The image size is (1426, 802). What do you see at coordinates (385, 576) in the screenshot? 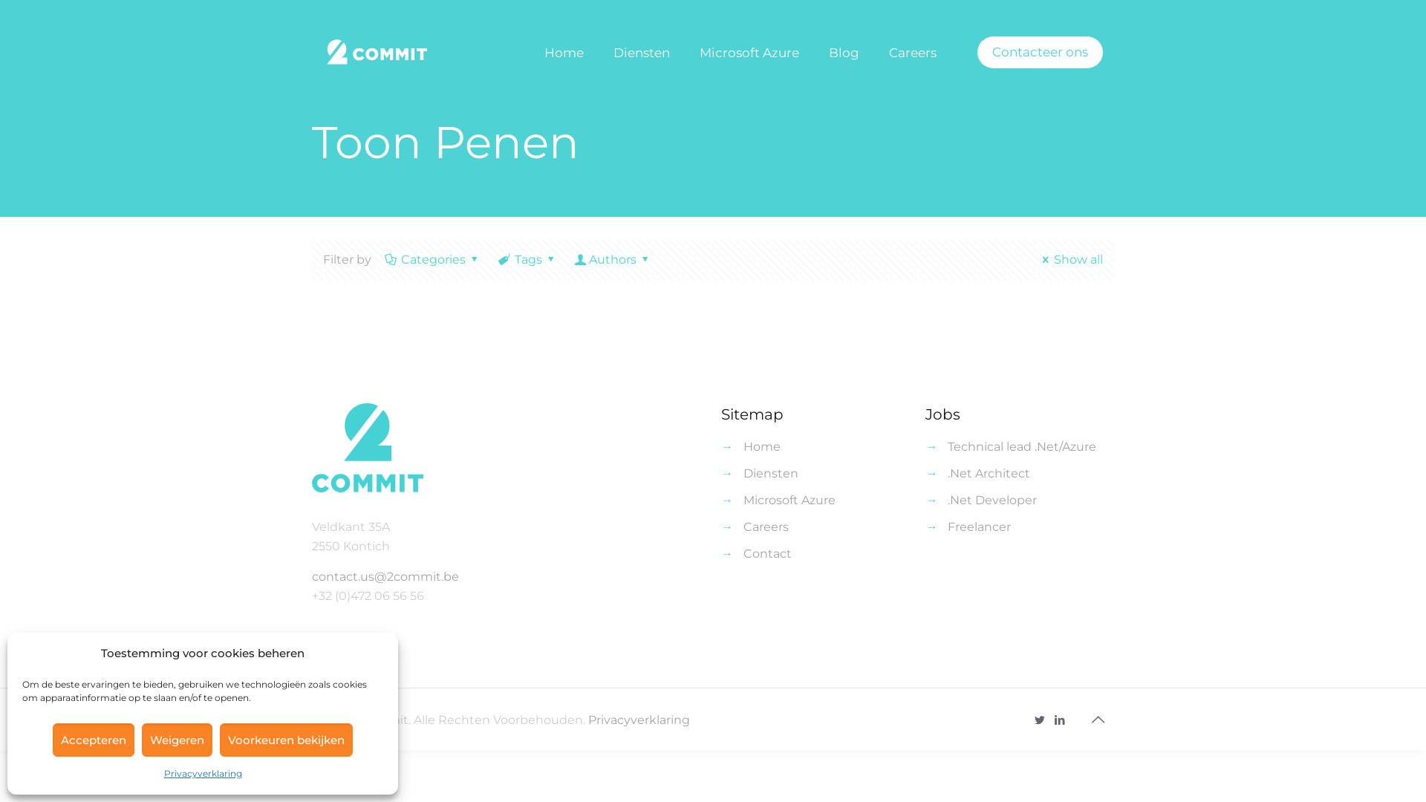
I see `'contact.us@2commit.be'` at bounding box center [385, 576].